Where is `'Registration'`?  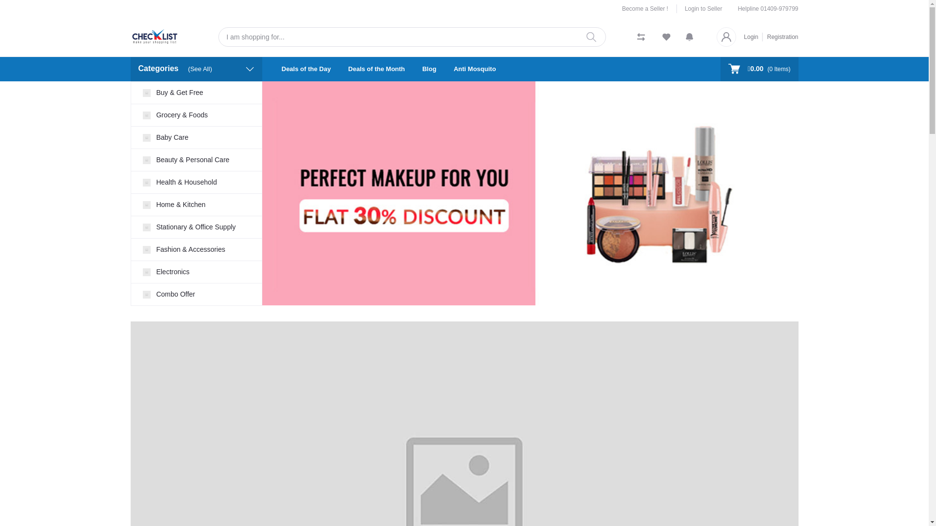
'Registration' is located at coordinates (780, 36).